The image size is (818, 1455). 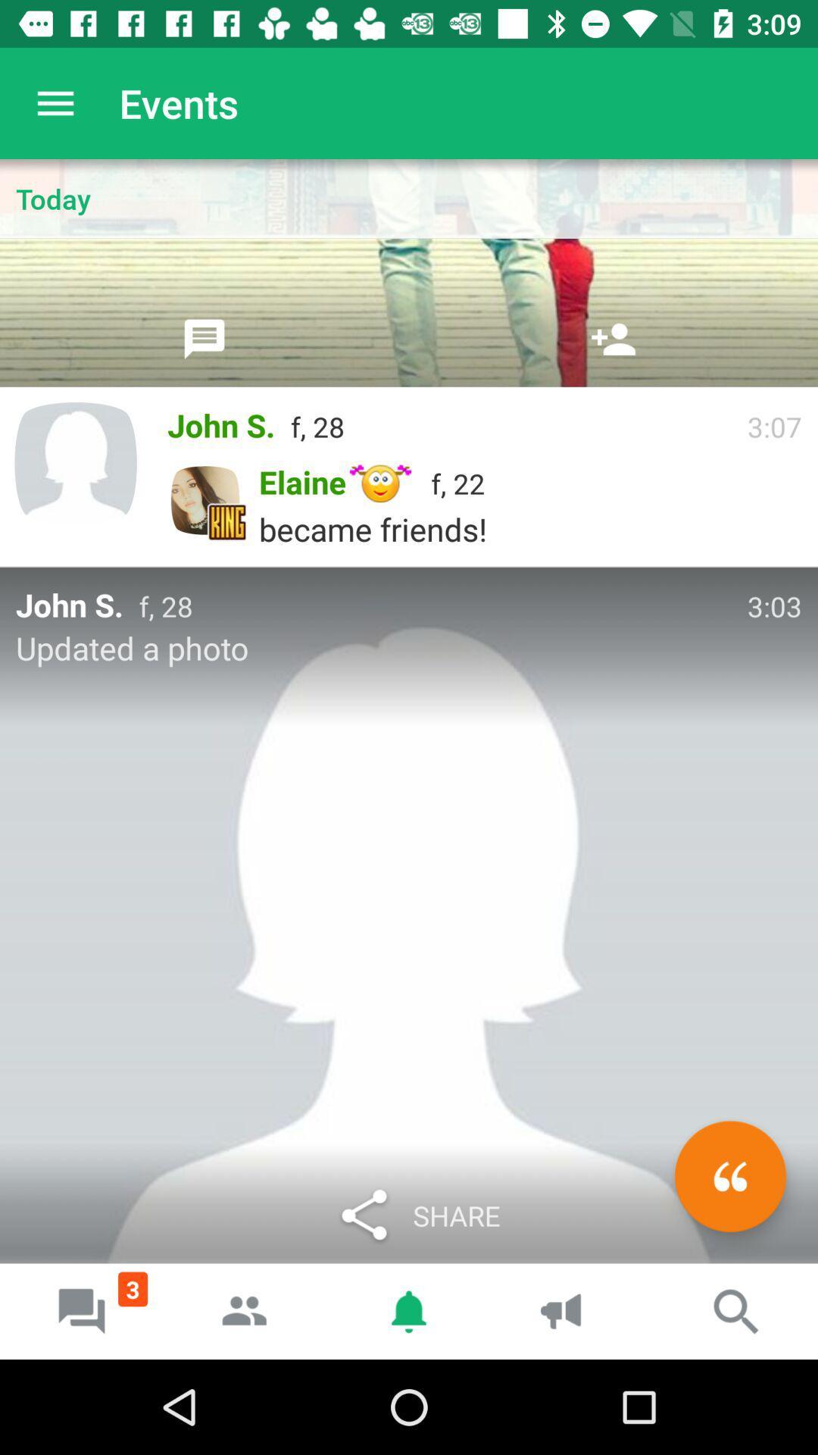 I want to click on icon below the today, so click(x=613, y=338).